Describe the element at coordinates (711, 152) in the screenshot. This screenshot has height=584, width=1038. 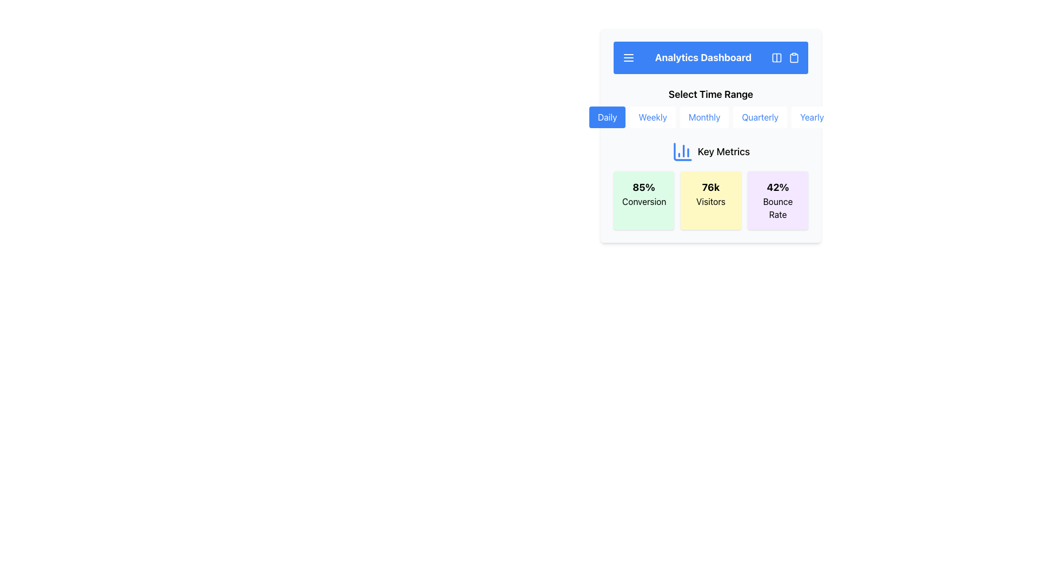
I see `the icon and corresponding label of the Text with Icon that serves as a title for 'Key Metrics', positioned centrally above the sections for '85% Conversion', '76k Visitors', and '42% Bounce Rate'` at that location.